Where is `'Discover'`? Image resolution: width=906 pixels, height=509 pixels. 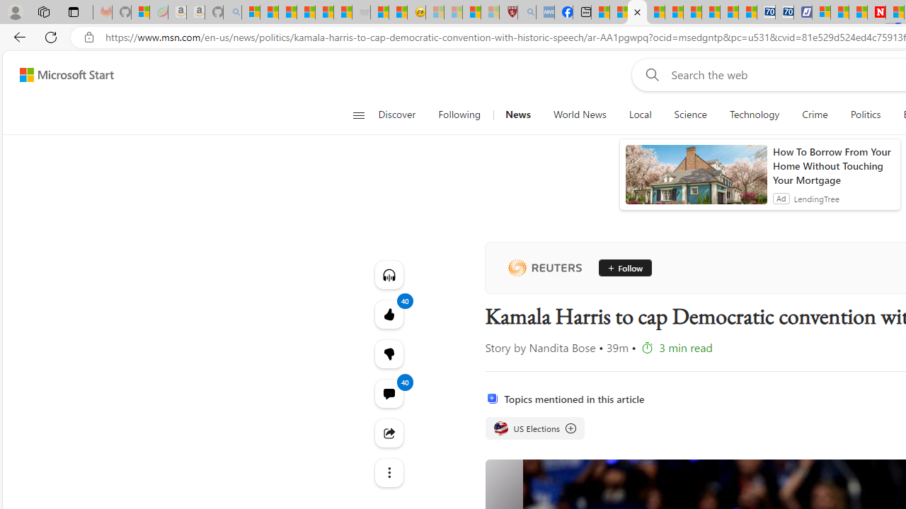
'Discover' is located at coordinates (396, 115).